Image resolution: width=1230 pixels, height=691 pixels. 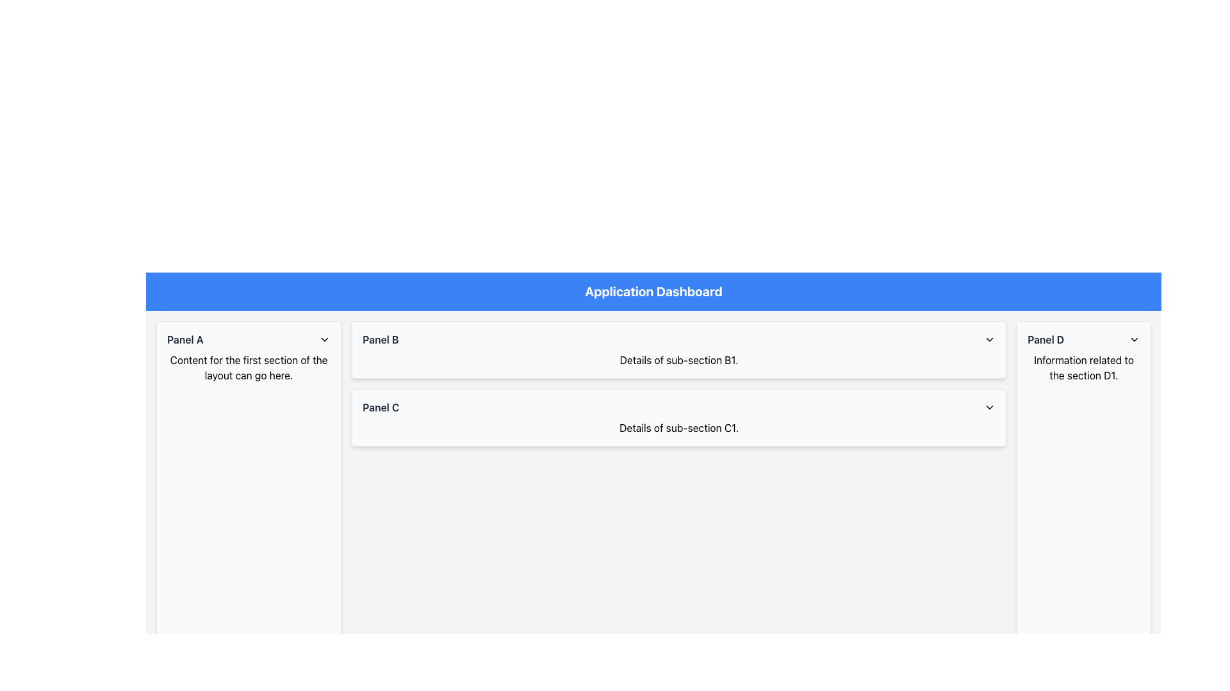 What do you see at coordinates (678, 417) in the screenshot?
I see `the Expandable/Collapsible Panel titled 'Panel C'` at bounding box center [678, 417].